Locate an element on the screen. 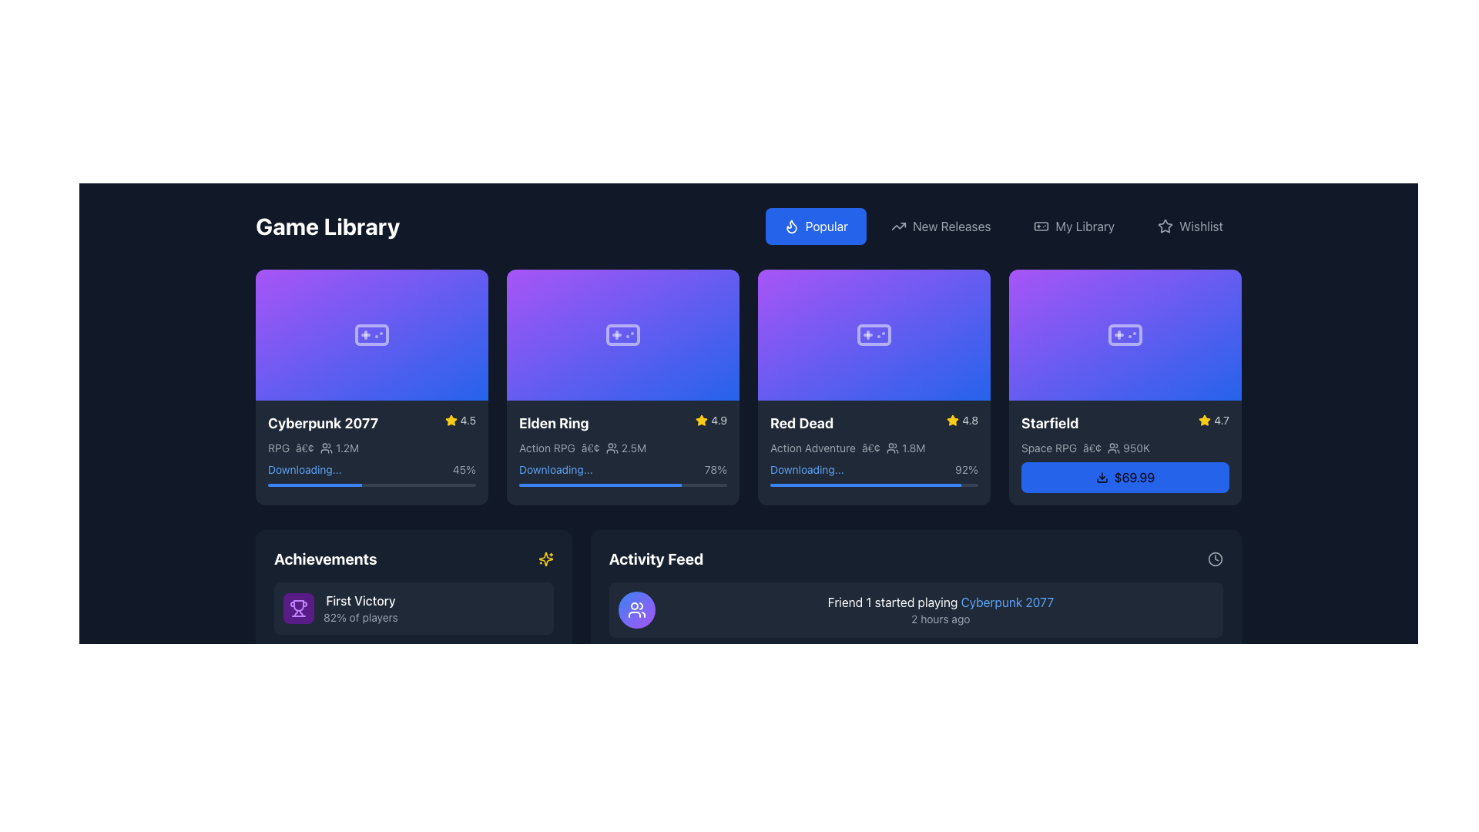  the notification element that indicates 'Friend 1 started playing Cyberpunk 2077' to learn more about the game is located at coordinates (916, 609).